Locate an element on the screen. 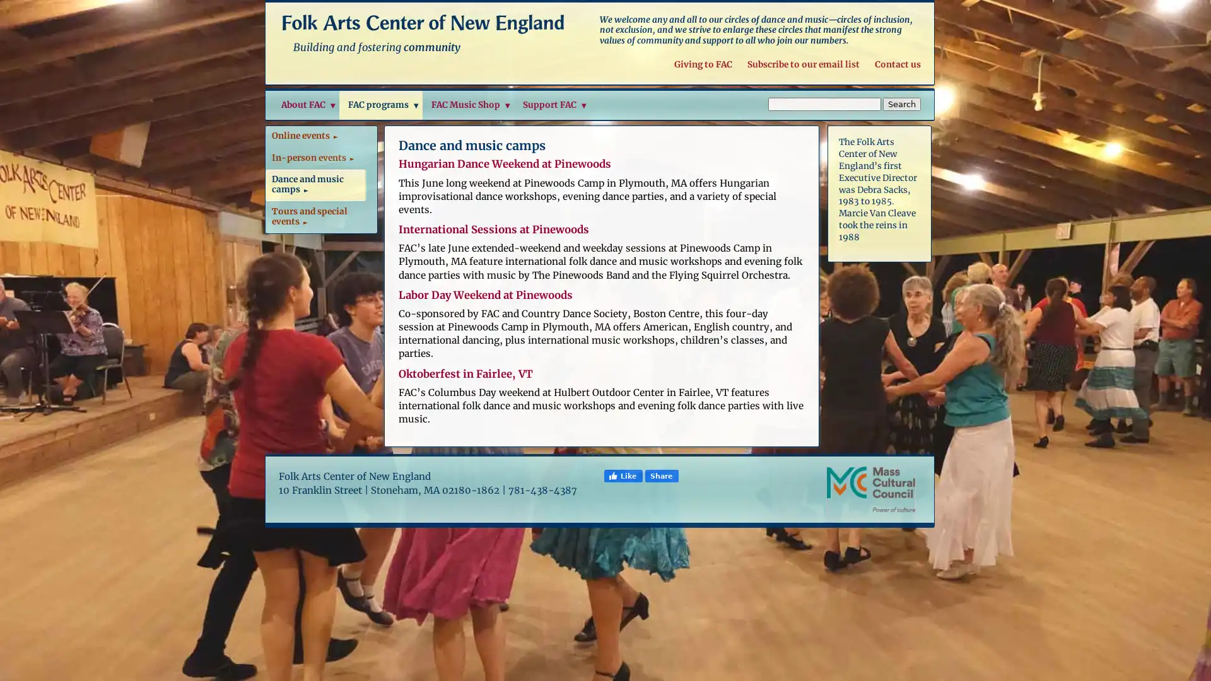 This screenshot has height=681, width=1211. Search is located at coordinates (901, 103).